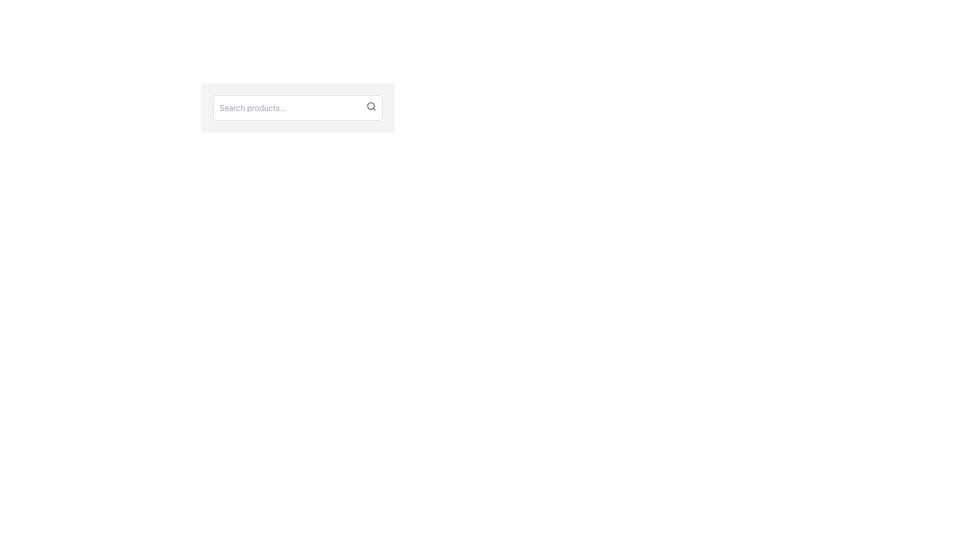  Describe the element at coordinates (370, 106) in the screenshot. I see `the magnifying glass icon located at the top-right corner of the search input field for additional visual feedback` at that location.